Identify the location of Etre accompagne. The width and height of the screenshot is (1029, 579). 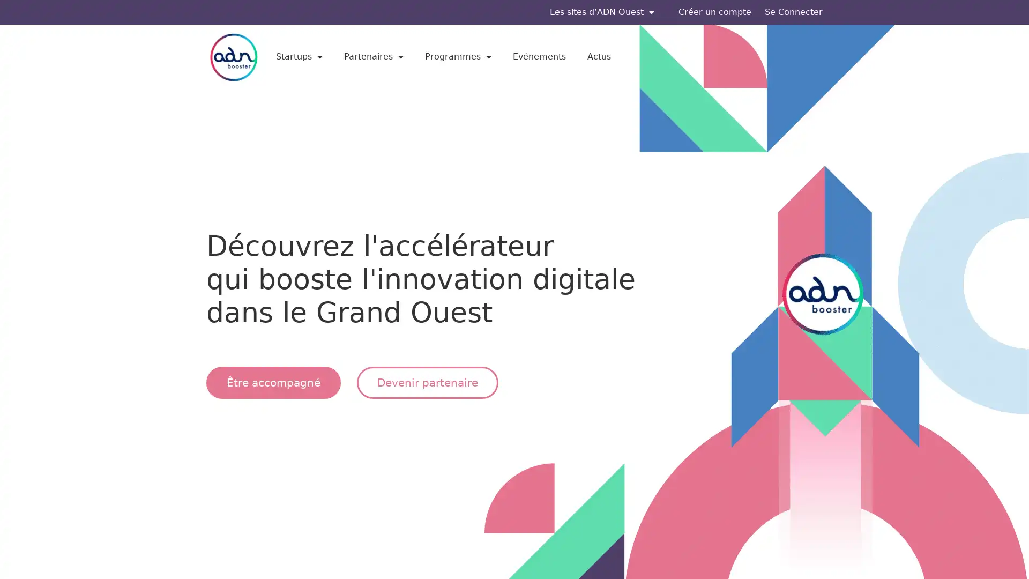
(273, 382).